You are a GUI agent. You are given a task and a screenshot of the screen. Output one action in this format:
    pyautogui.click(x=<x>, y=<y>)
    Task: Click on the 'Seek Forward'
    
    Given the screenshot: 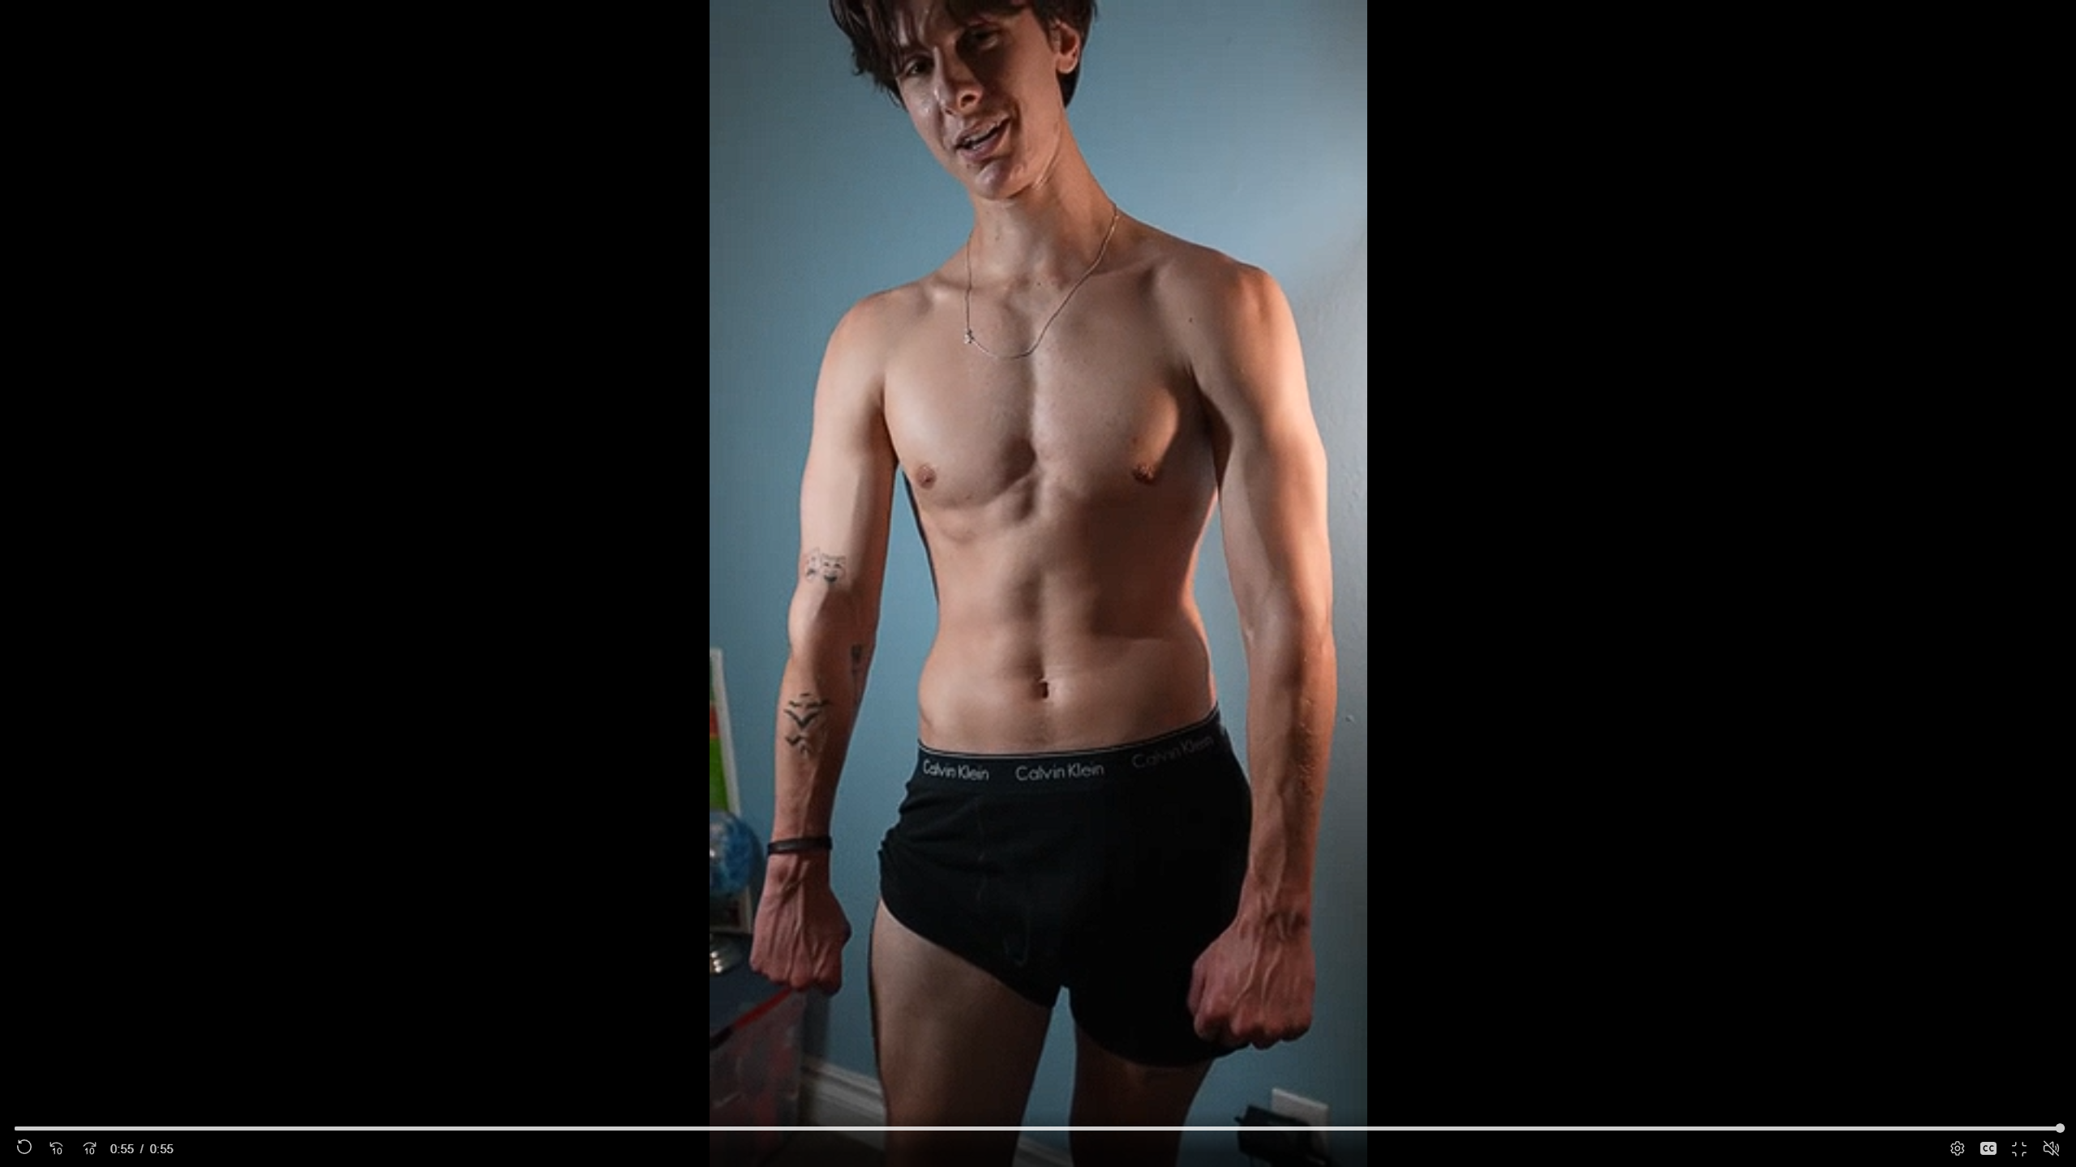 What is the action you would take?
    pyautogui.click(x=89, y=1148)
    